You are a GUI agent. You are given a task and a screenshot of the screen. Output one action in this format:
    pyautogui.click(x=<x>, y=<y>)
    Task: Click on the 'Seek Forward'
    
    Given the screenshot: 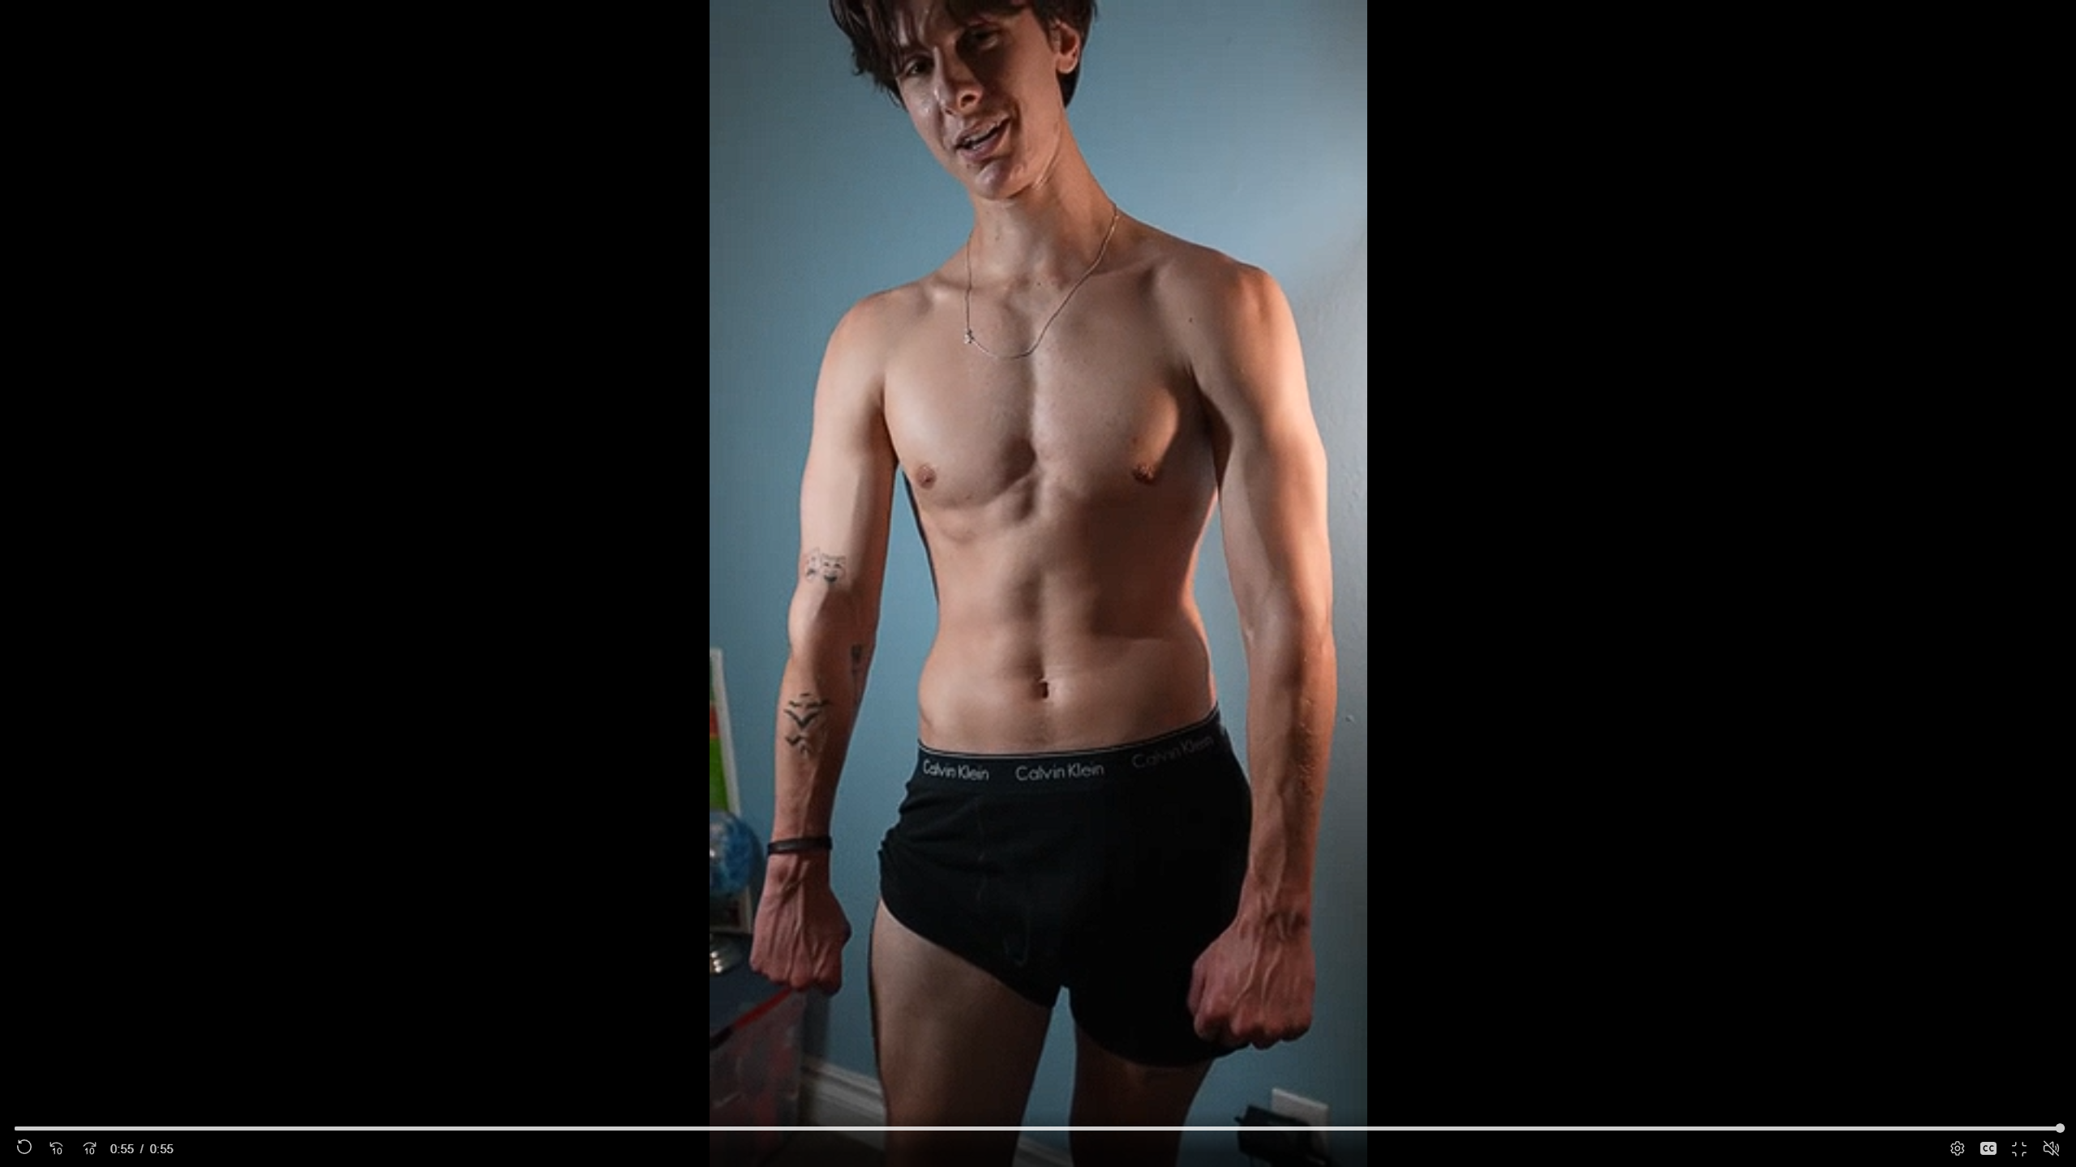 What is the action you would take?
    pyautogui.click(x=89, y=1148)
    